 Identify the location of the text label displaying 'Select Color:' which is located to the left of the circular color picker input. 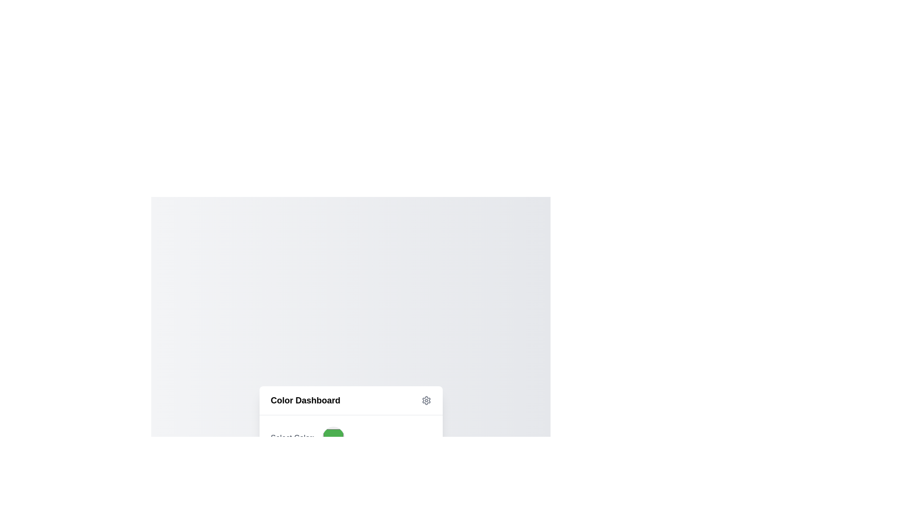
(292, 438).